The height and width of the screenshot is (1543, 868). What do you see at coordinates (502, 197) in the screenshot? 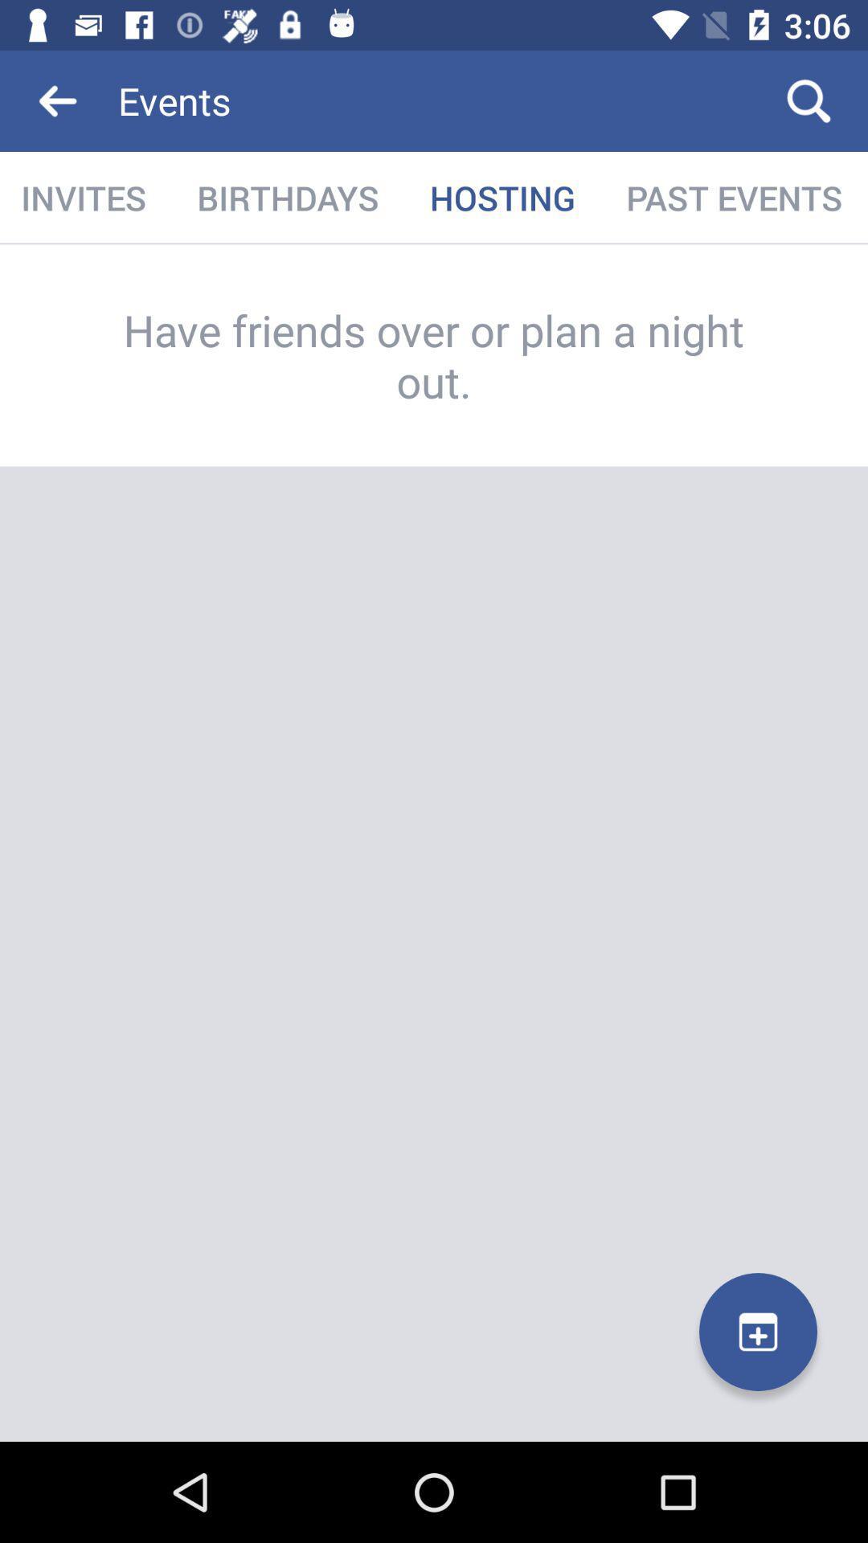
I see `the icon next to past events item` at bounding box center [502, 197].